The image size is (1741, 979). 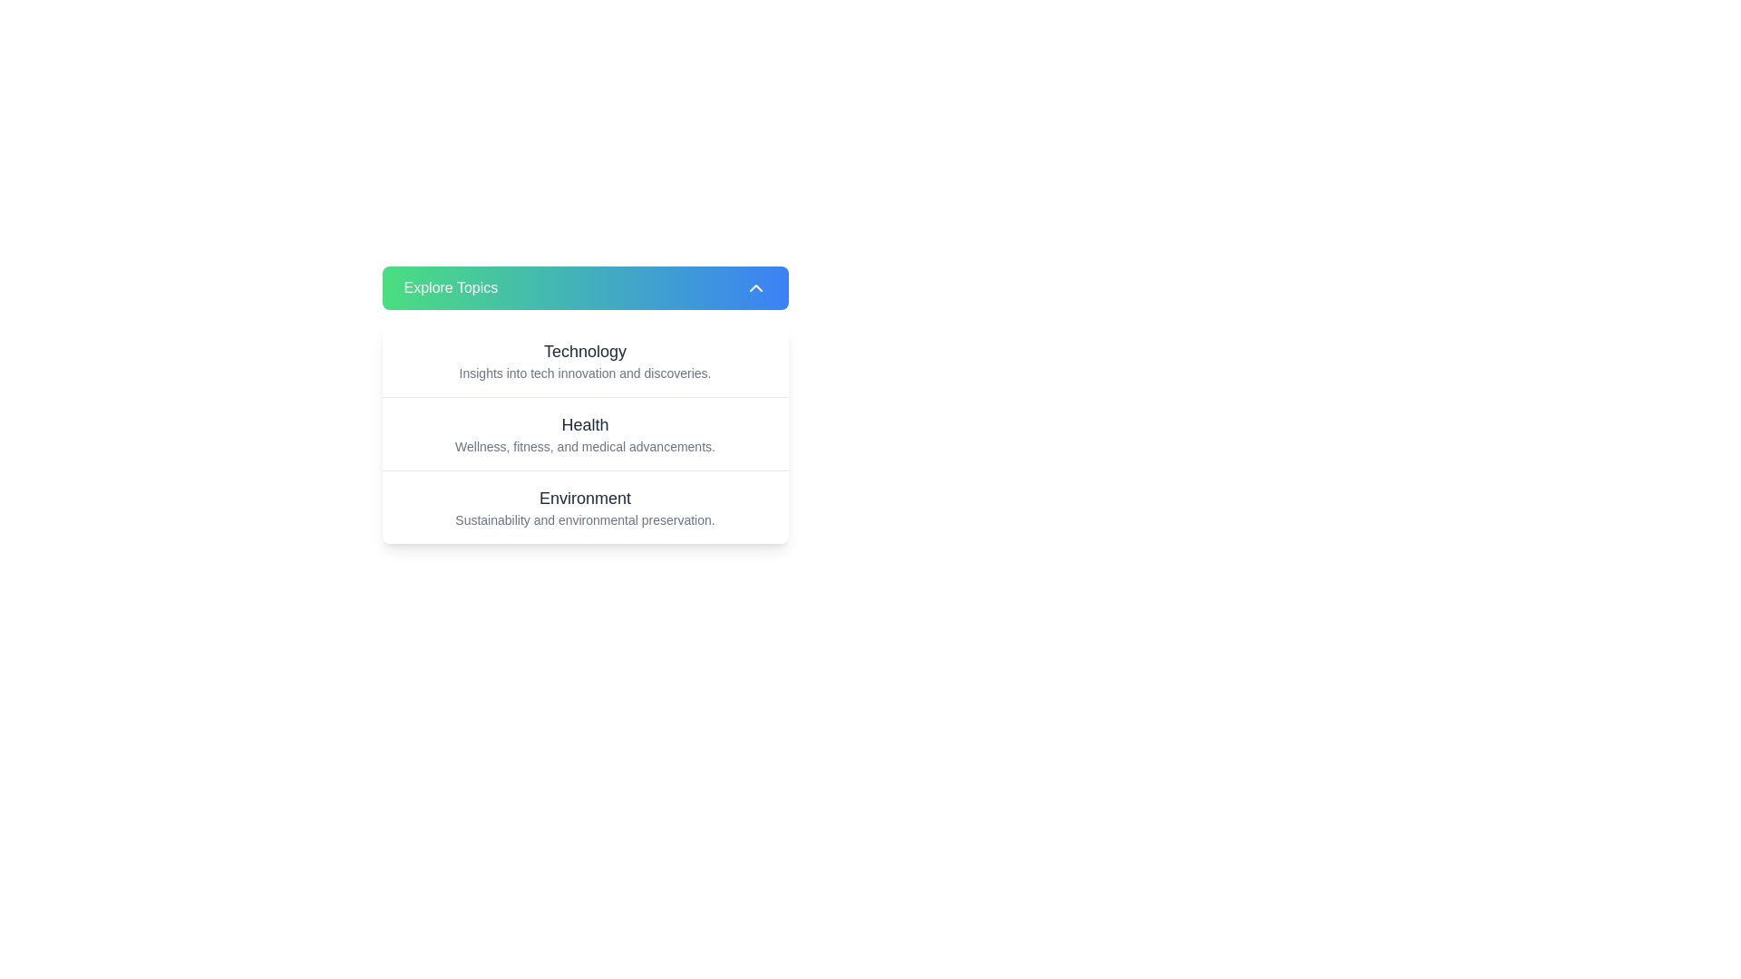 I want to click on the text label displaying 'Insights into tech innovation and discoveries.' located beneath the 'Technology' heading, so click(x=585, y=373).